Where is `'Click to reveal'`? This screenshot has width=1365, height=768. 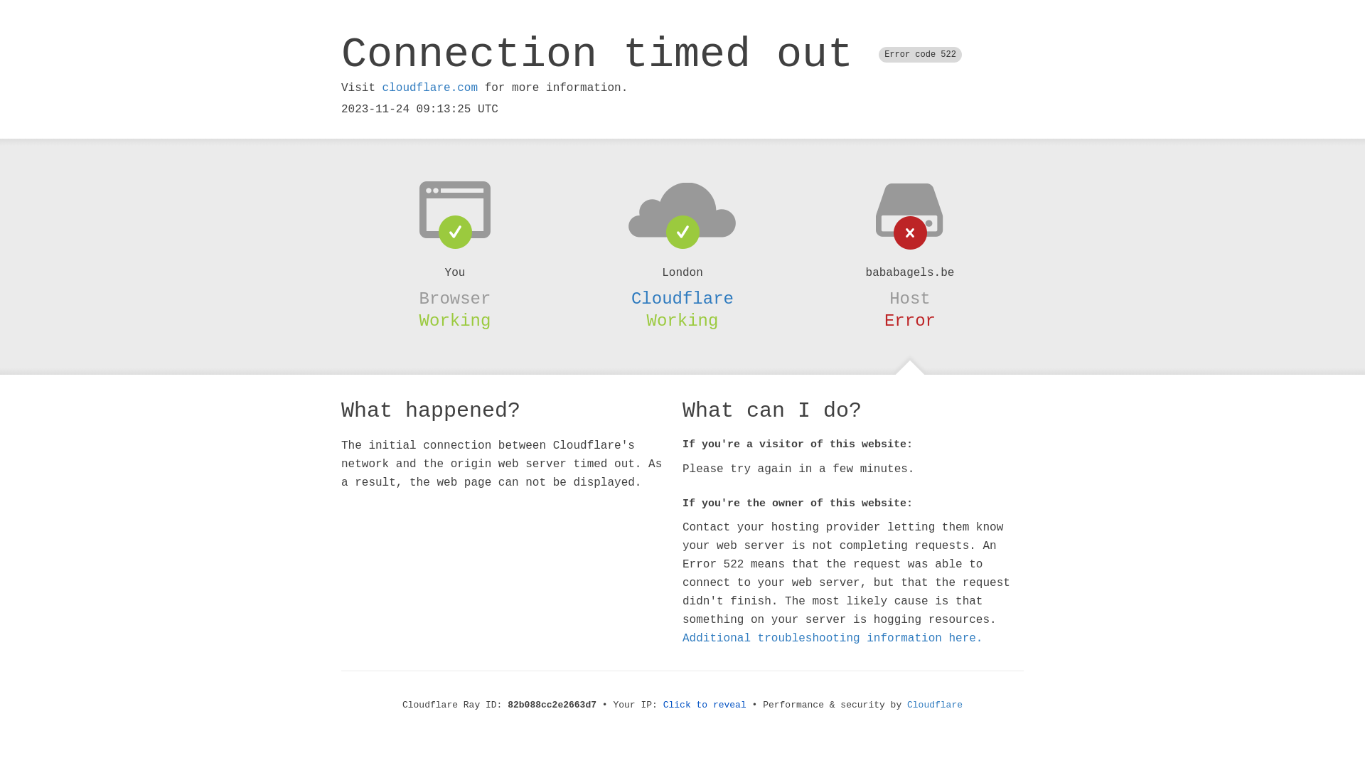
'Click to reveal' is located at coordinates (705, 705).